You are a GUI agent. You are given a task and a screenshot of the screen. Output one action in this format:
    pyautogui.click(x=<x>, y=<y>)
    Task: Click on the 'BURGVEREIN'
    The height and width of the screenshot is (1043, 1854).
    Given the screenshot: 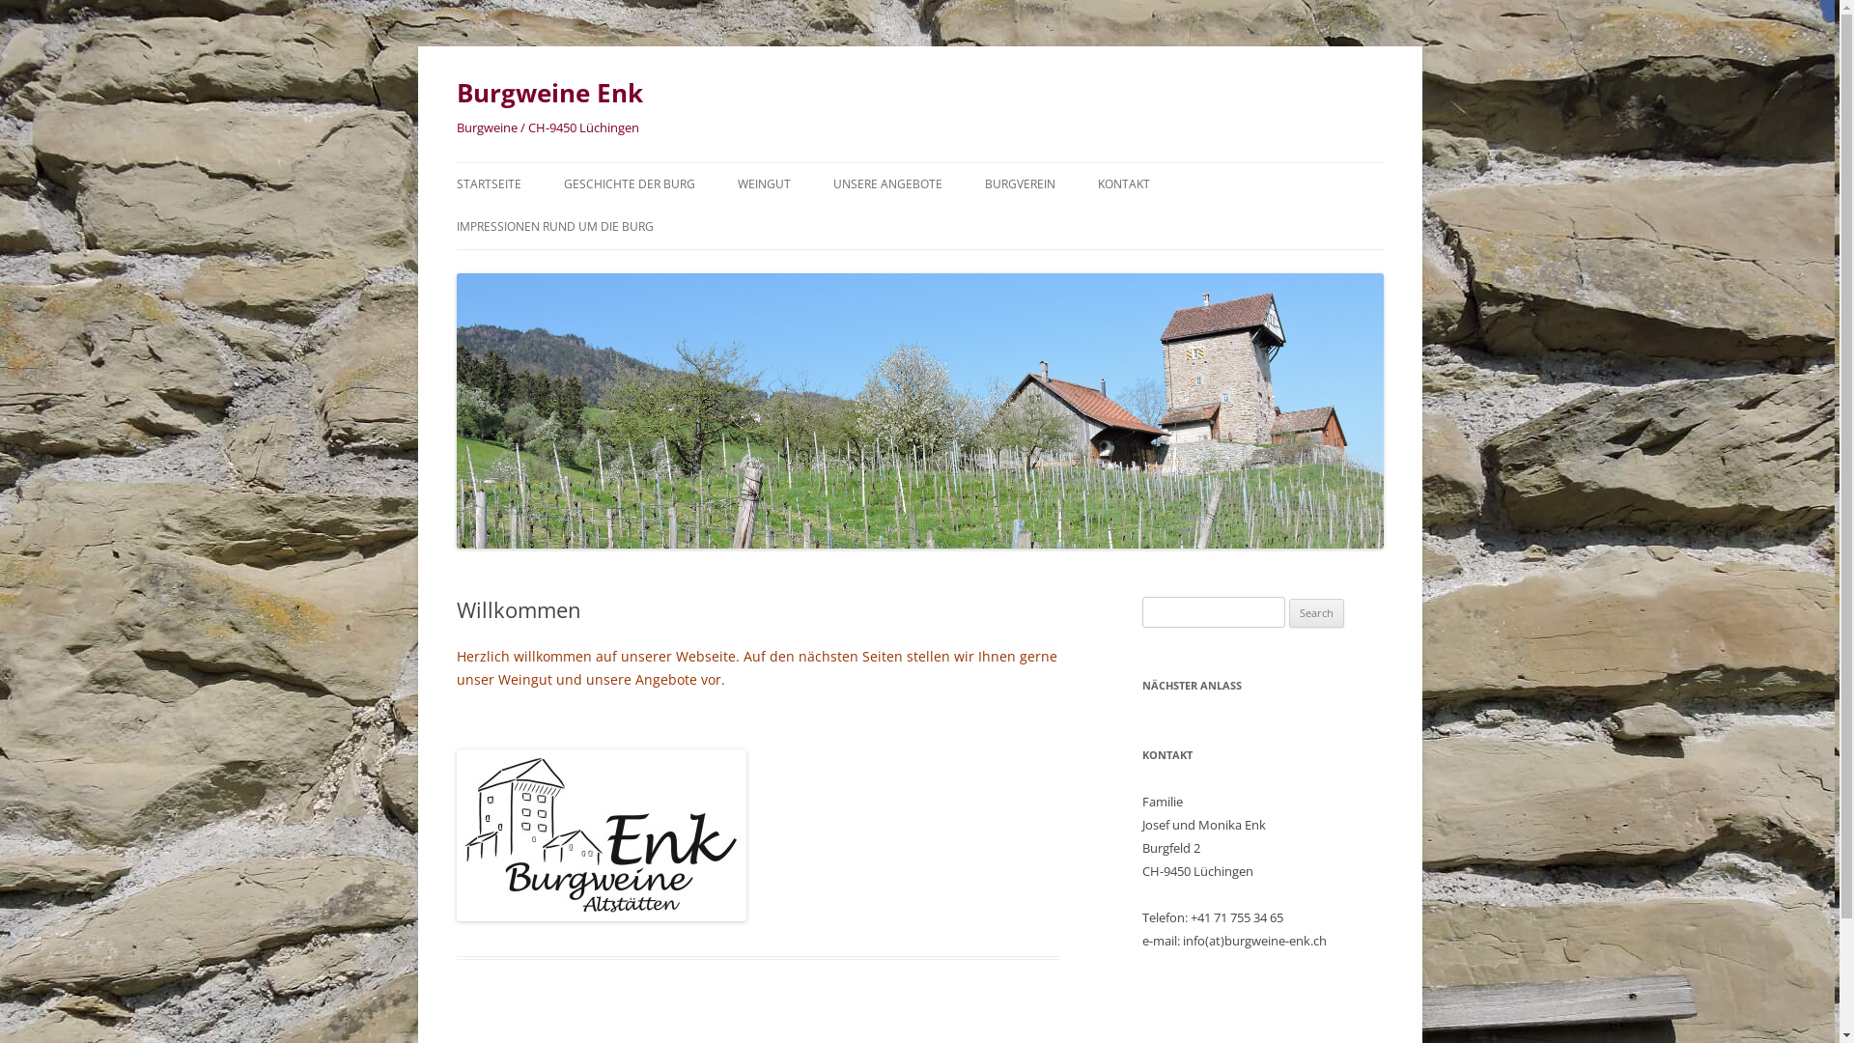 What is the action you would take?
    pyautogui.click(x=1019, y=184)
    